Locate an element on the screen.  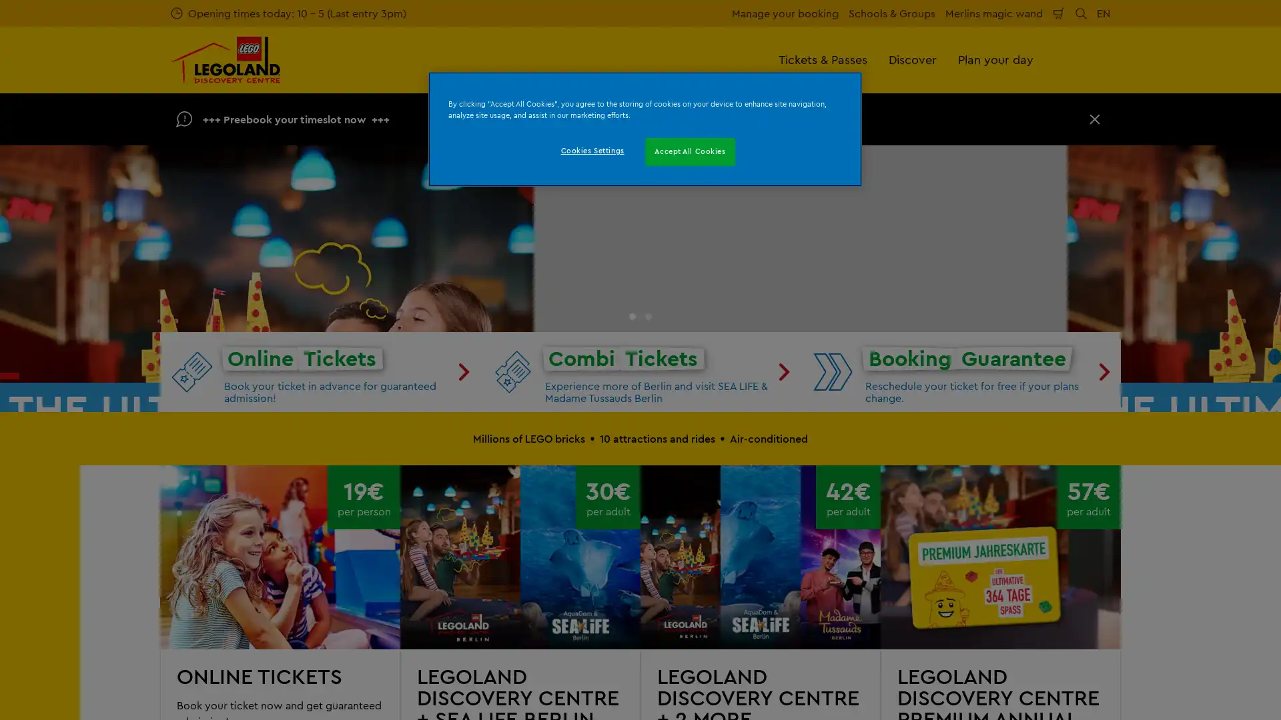
Tickets & Passes is located at coordinates (822, 59).